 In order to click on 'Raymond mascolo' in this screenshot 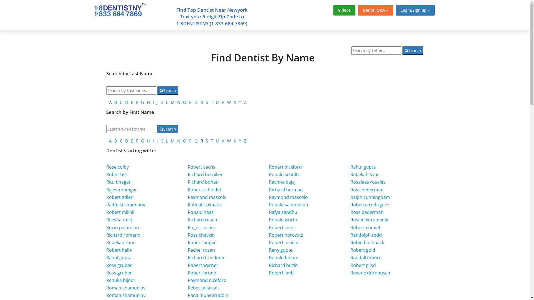, I will do `click(288, 197)`.